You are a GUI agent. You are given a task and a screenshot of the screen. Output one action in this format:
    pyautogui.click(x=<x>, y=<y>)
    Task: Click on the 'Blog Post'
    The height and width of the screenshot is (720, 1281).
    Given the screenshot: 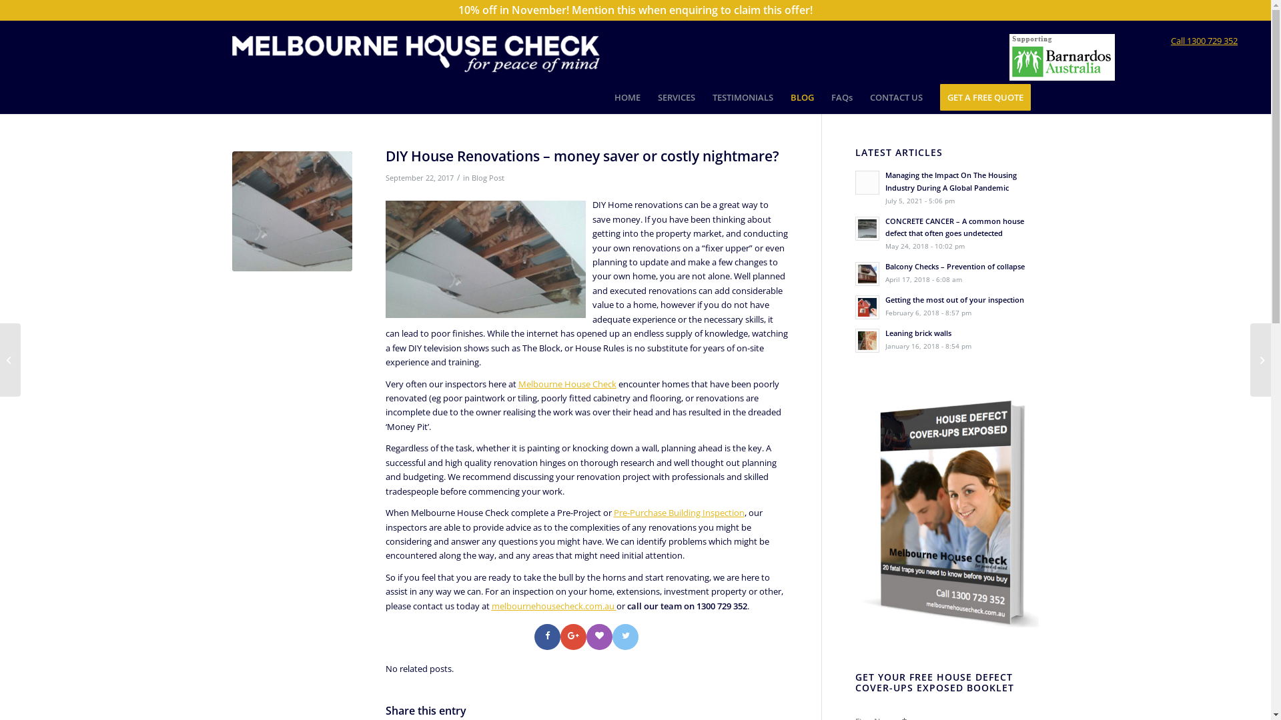 What is the action you would take?
    pyautogui.click(x=486, y=177)
    